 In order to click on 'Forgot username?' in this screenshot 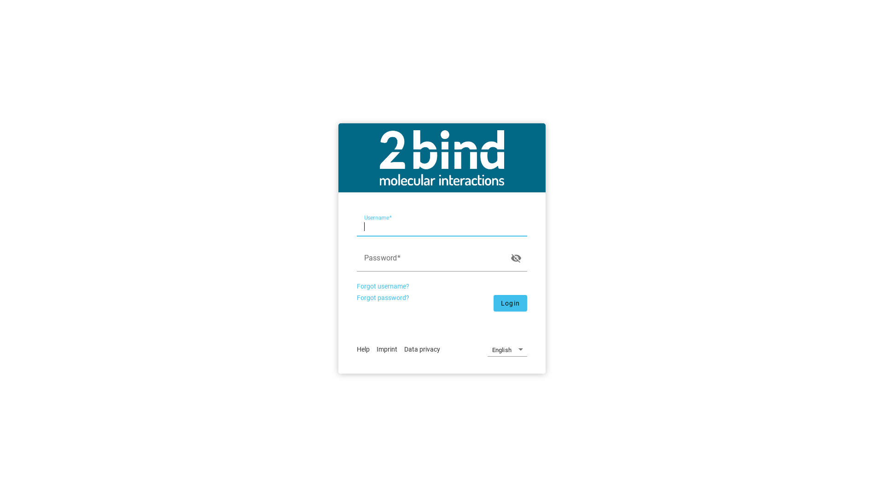, I will do `click(384, 286)`.